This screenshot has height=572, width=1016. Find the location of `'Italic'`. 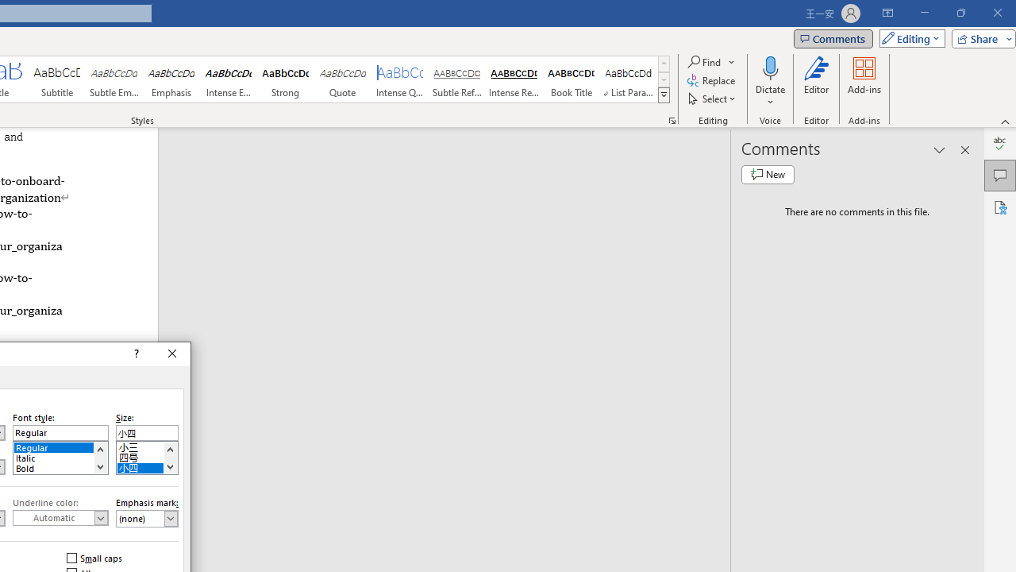

'Italic' is located at coordinates (60, 456).